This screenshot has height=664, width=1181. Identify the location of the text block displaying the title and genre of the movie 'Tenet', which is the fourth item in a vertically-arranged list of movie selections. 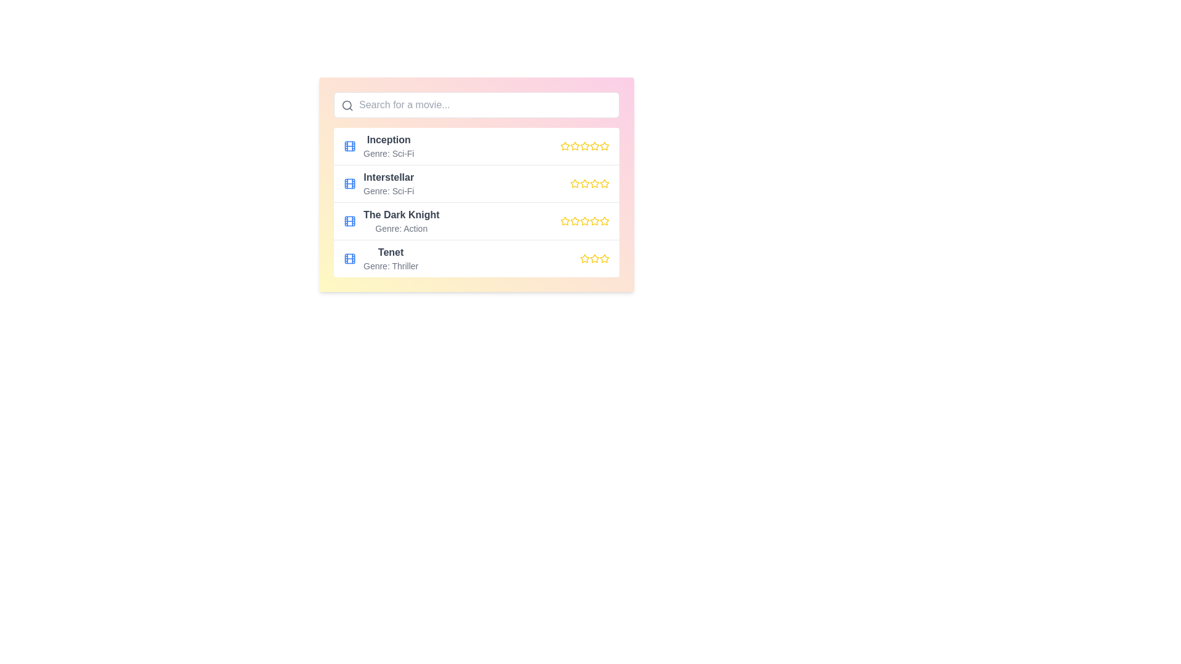
(390, 258).